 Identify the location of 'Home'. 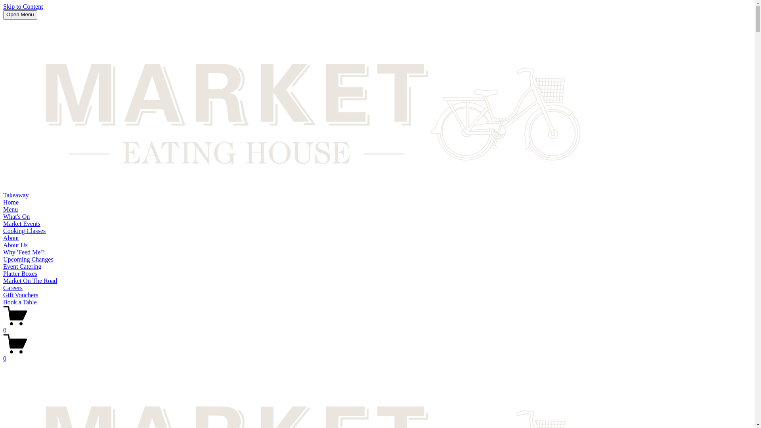
(11, 202).